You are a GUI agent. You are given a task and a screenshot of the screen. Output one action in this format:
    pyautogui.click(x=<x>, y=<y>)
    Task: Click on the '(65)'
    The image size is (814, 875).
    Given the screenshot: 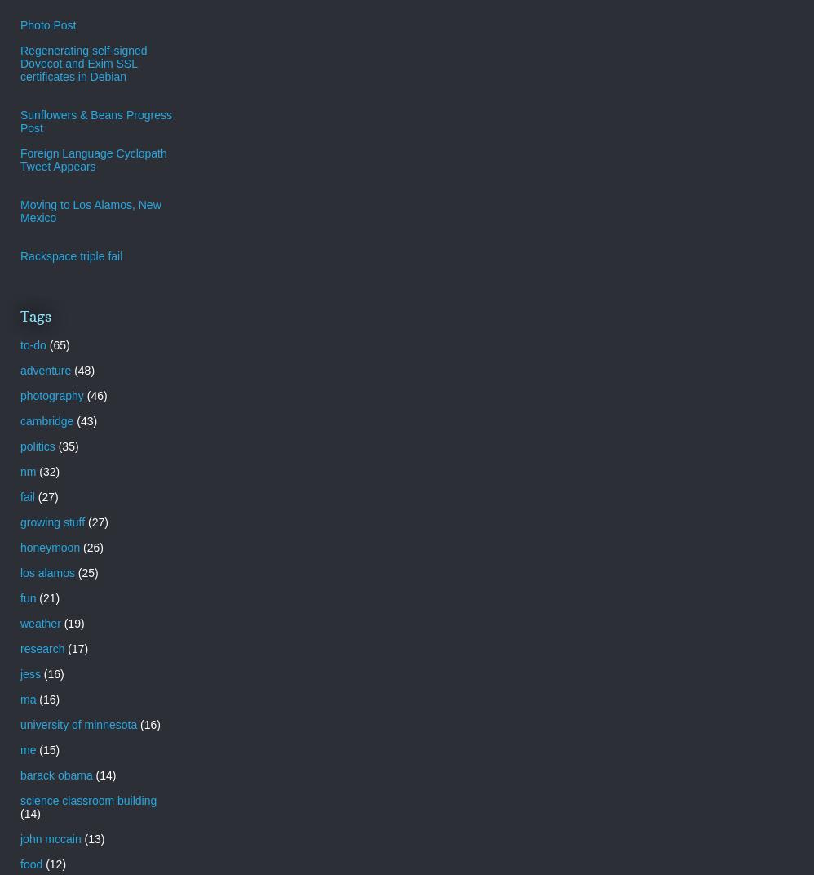 What is the action you would take?
    pyautogui.click(x=58, y=344)
    